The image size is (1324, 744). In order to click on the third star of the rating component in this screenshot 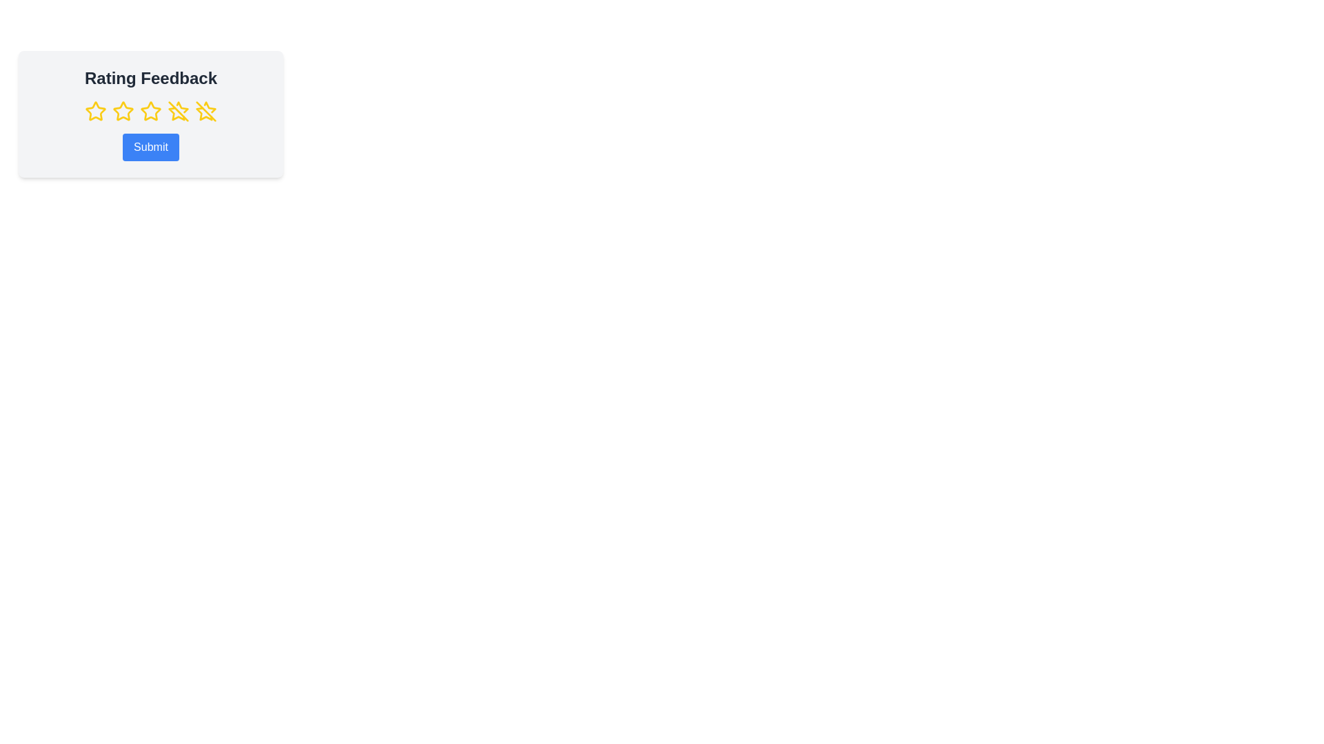, I will do `click(151, 111)`.